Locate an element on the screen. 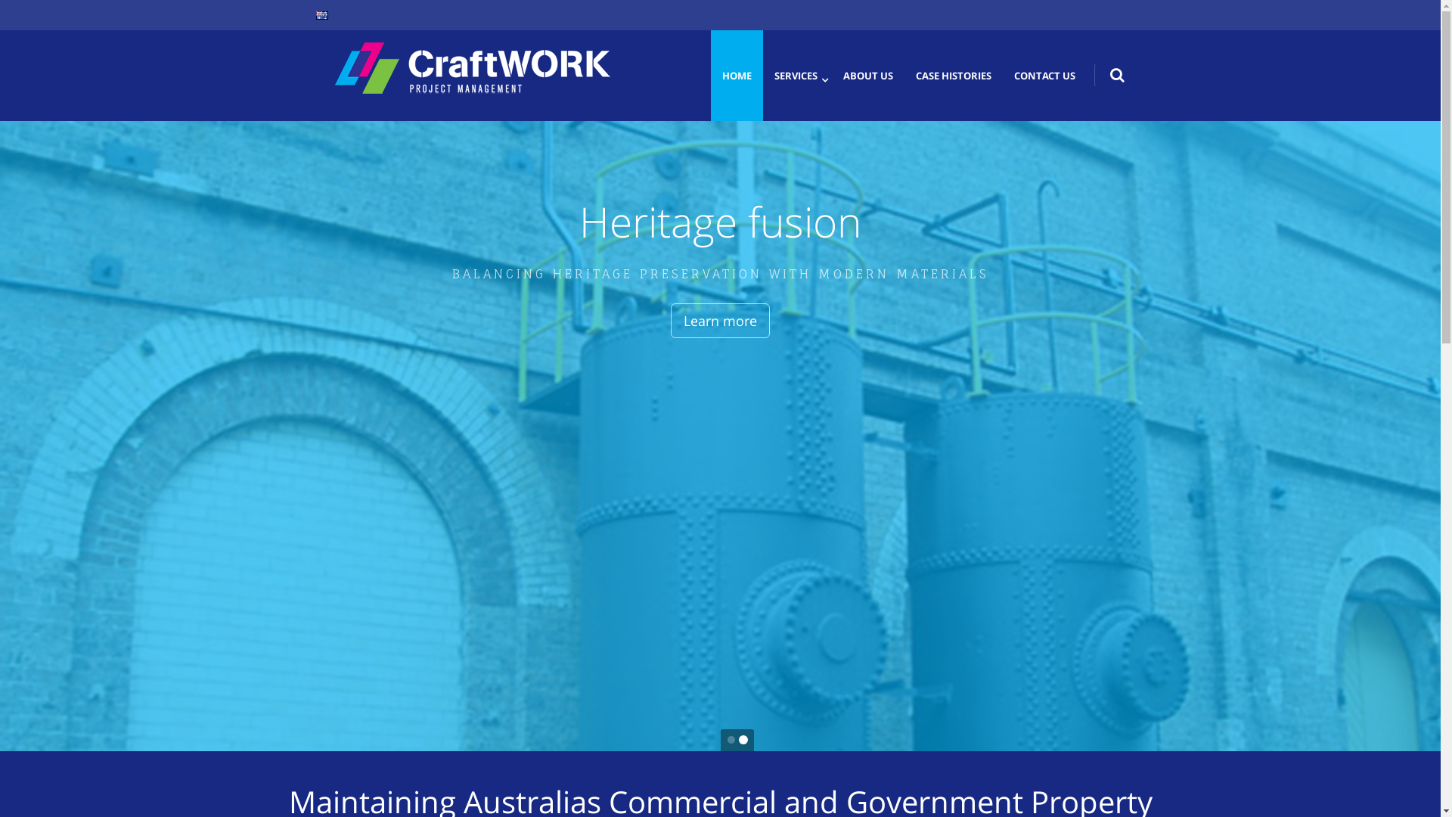 The height and width of the screenshot is (817, 1452). 'ABOUT US' is located at coordinates (867, 76).